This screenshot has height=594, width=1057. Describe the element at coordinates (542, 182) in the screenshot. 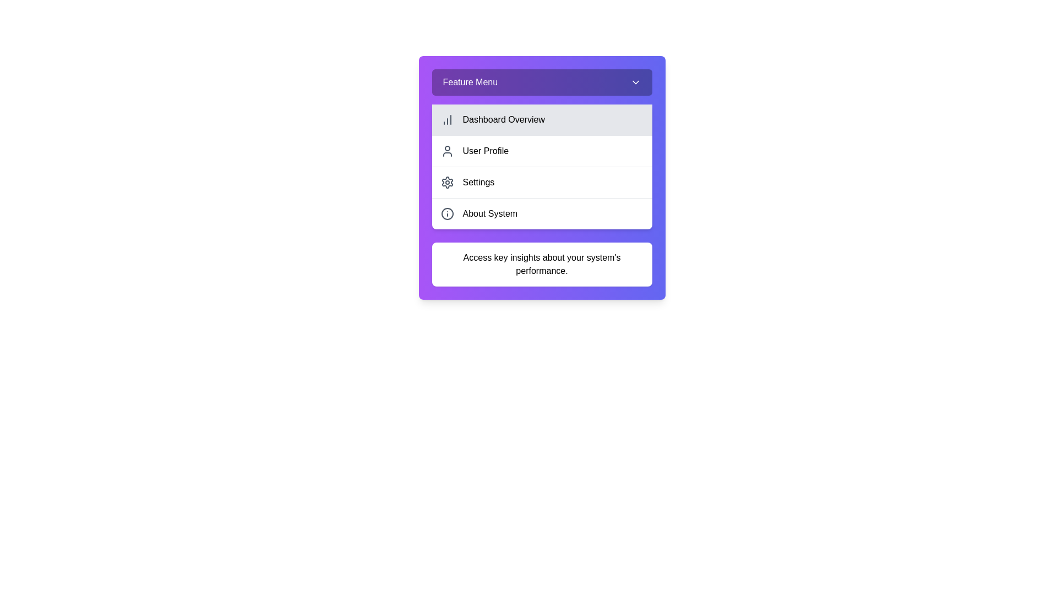

I see `the third navigational menu item, which is located between 'User Profile' and 'About System'` at that location.